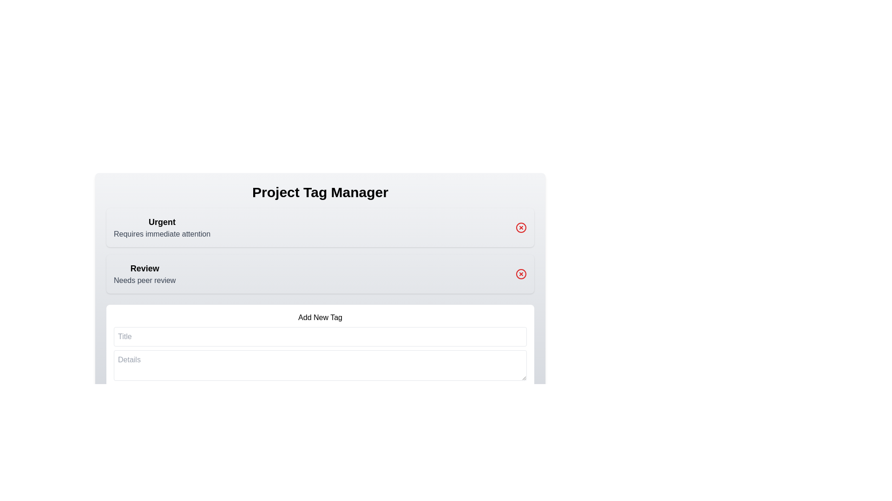  I want to click on the static text label that contains the text 'Add New Tag' within the 'Add Tag' section, so click(320, 317).